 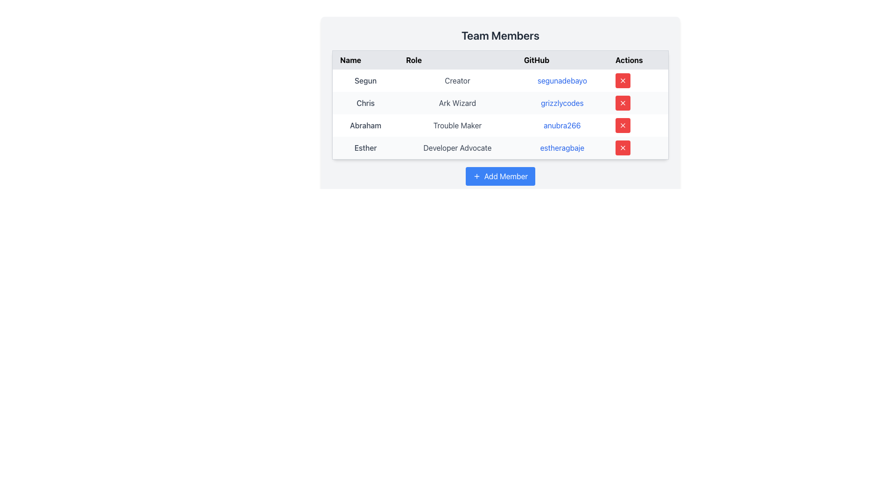 I want to click on the text hyperlink in the 'GitHub' column of the 'Team Members' table, so click(x=561, y=147).